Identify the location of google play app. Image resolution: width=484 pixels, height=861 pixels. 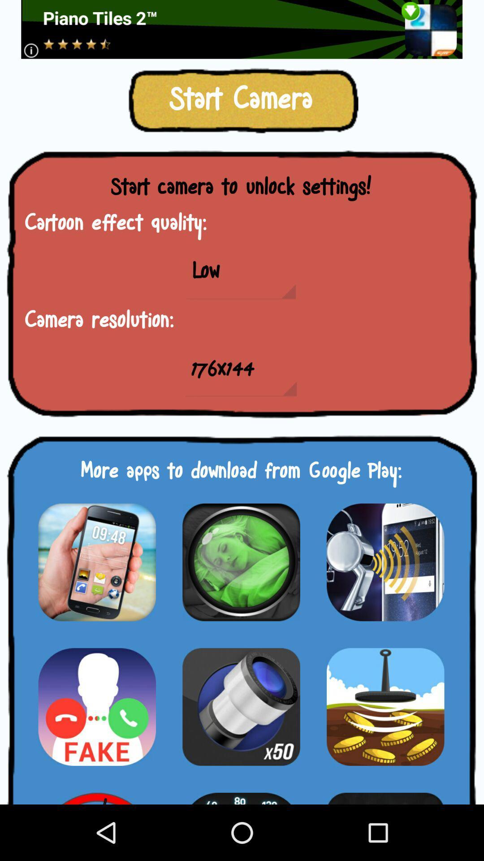
(385, 561).